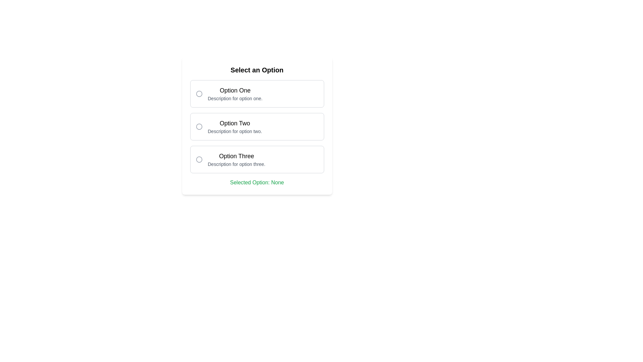 This screenshot has height=362, width=643. What do you see at coordinates (199, 94) in the screenshot?
I see `the radio button representing 'Option One'` at bounding box center [199, 94].